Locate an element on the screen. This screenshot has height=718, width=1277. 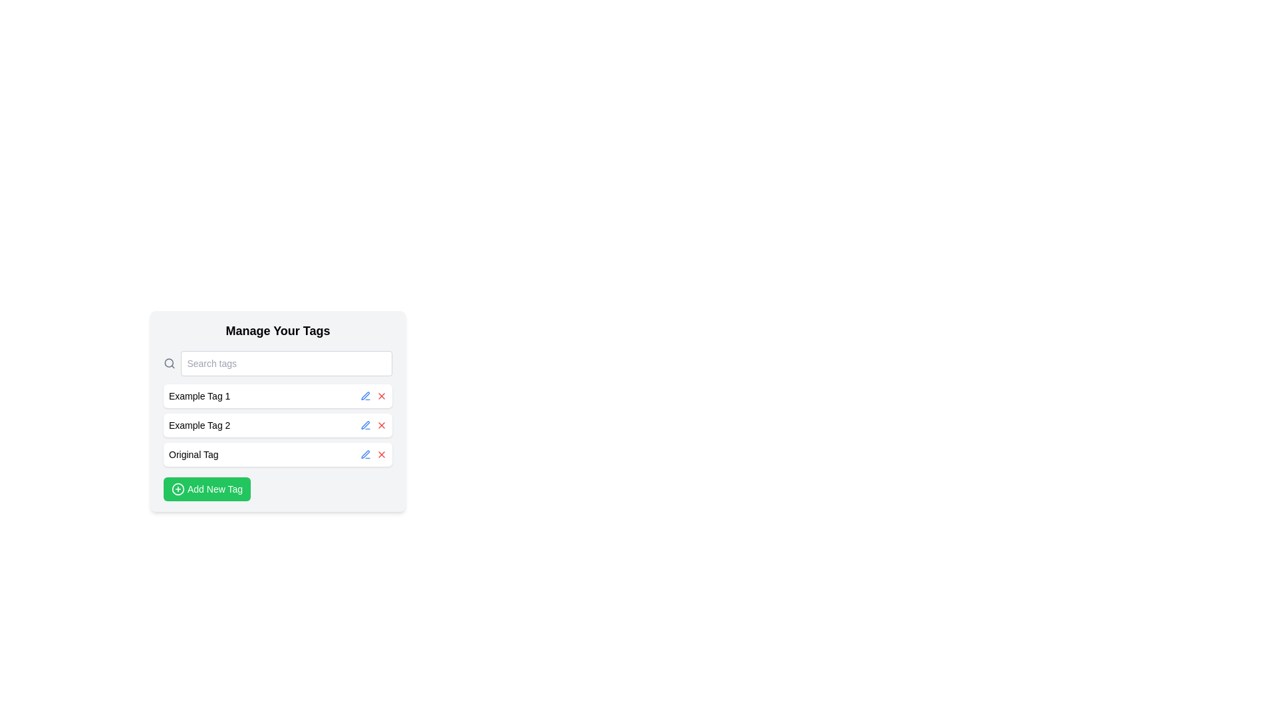
the SVG Circle Element that represents the 'Add New Tag' button, which resembles a plus sign within a circle is located at coordinates (178, 489).